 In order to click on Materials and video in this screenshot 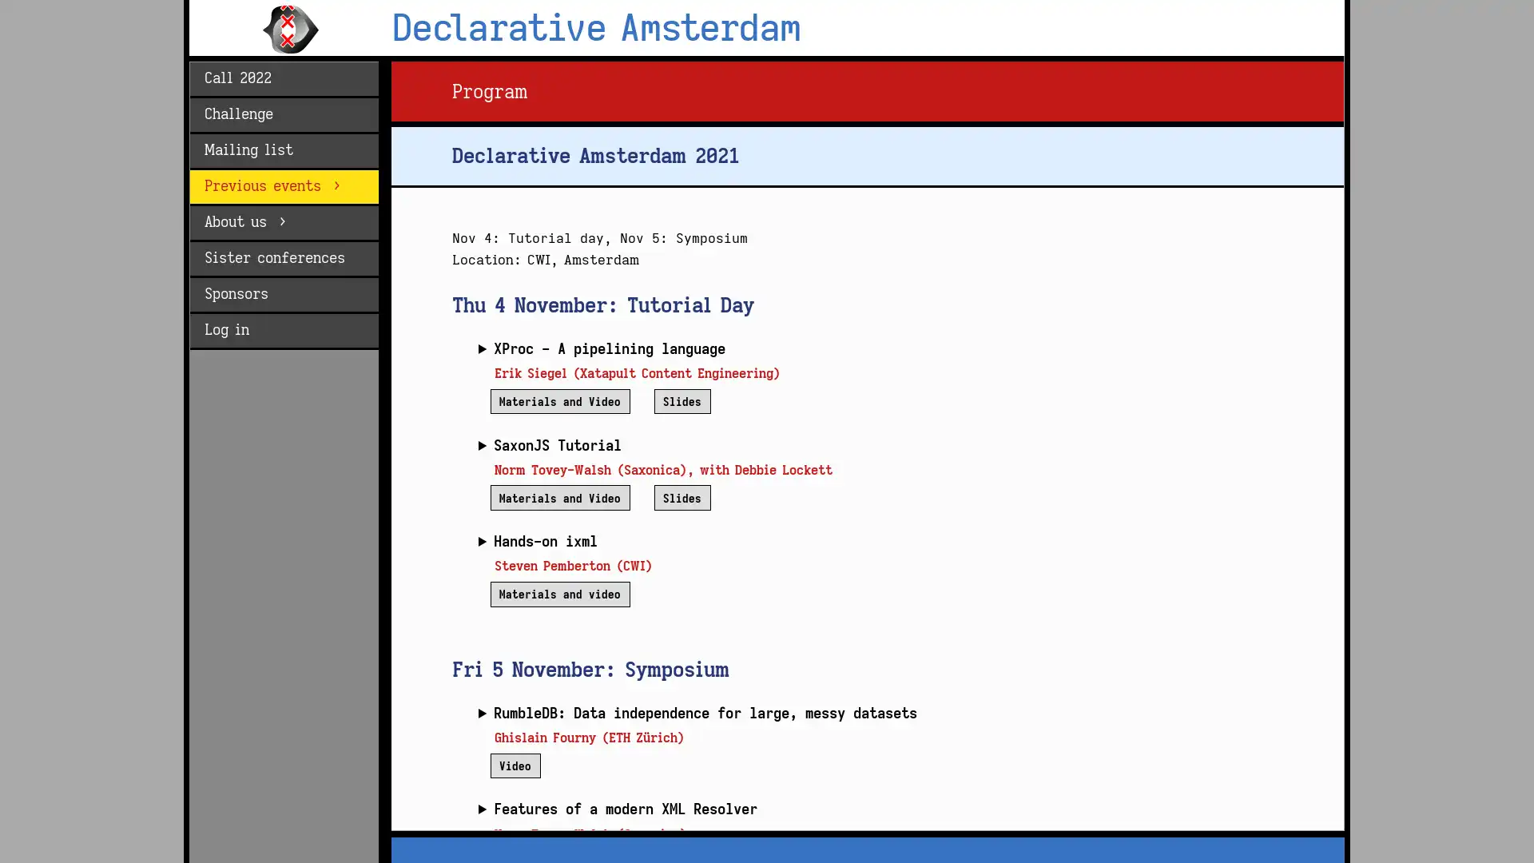, I will do `click(559, 594)`.